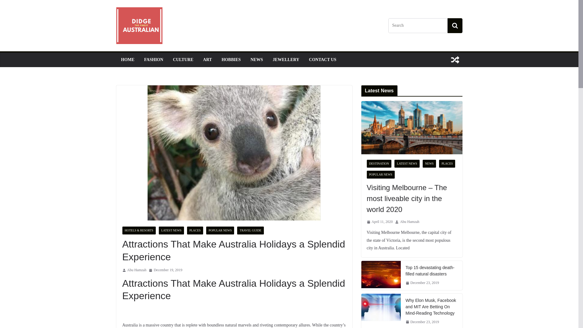  Describe the element at coordinates (380, 275) in the screenshot. I see `'Top 15 devastating death-filled natural disasters'` at that location.